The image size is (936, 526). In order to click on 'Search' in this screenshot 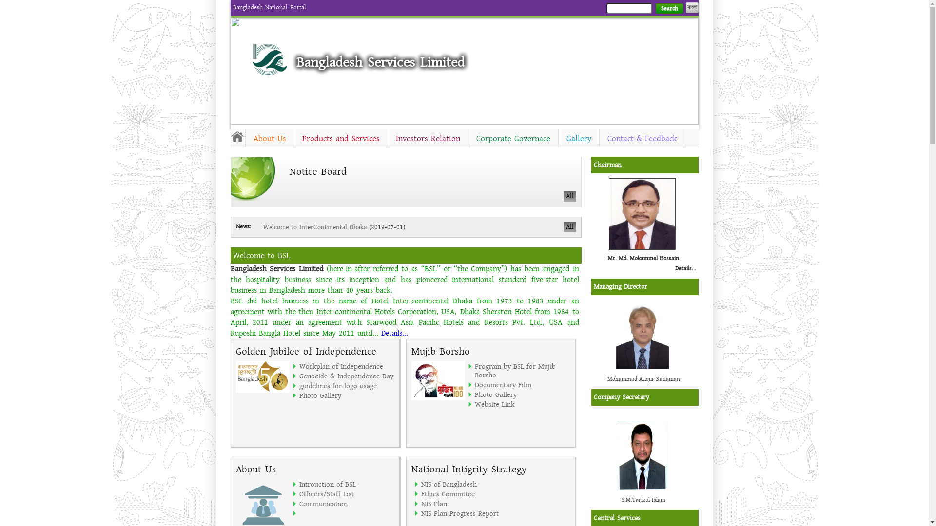, I will do `click(668, 8)`.